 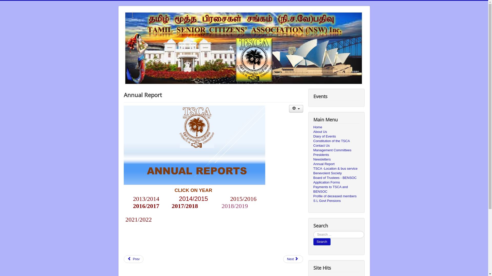 I want to click on 'Search', so click(x=313, y=241).